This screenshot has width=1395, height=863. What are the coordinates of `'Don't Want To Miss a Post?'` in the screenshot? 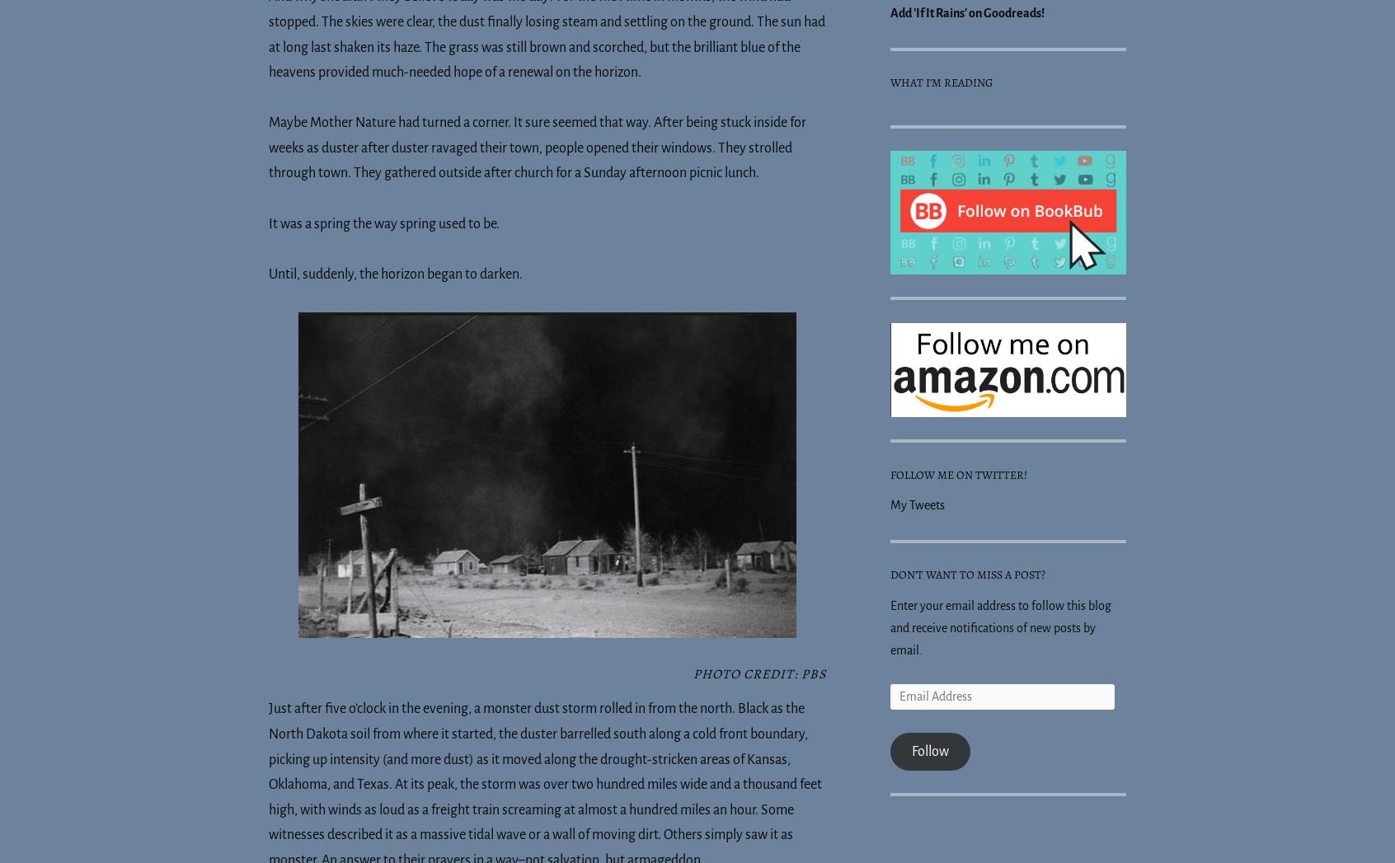 It's located at (967, 573).